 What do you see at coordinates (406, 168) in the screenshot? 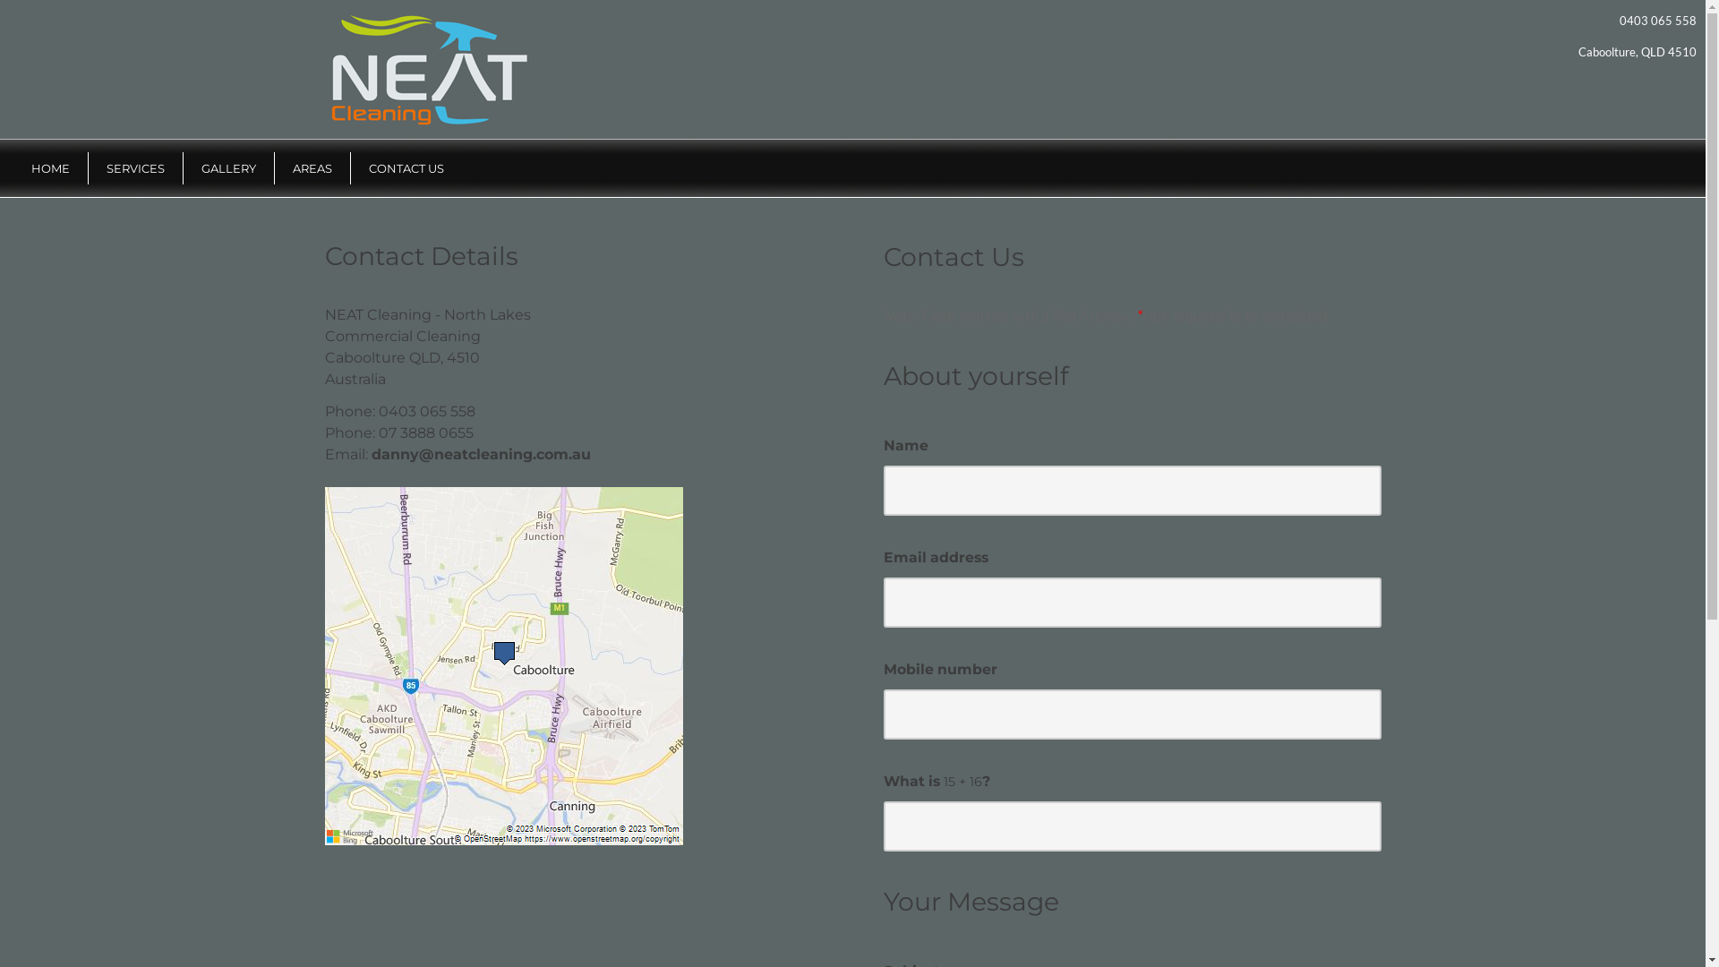
I see `'CONTACT US'` at bounding box center [406, 168].